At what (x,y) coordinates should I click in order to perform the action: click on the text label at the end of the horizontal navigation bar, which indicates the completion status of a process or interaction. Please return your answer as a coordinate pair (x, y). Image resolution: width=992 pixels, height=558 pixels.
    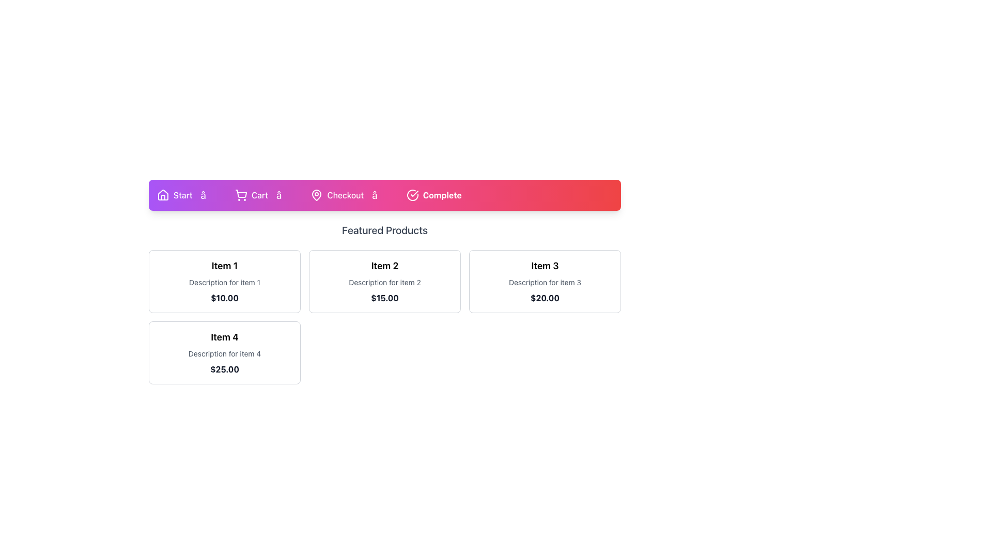
    Looking at the image, I should click on (442, 195).